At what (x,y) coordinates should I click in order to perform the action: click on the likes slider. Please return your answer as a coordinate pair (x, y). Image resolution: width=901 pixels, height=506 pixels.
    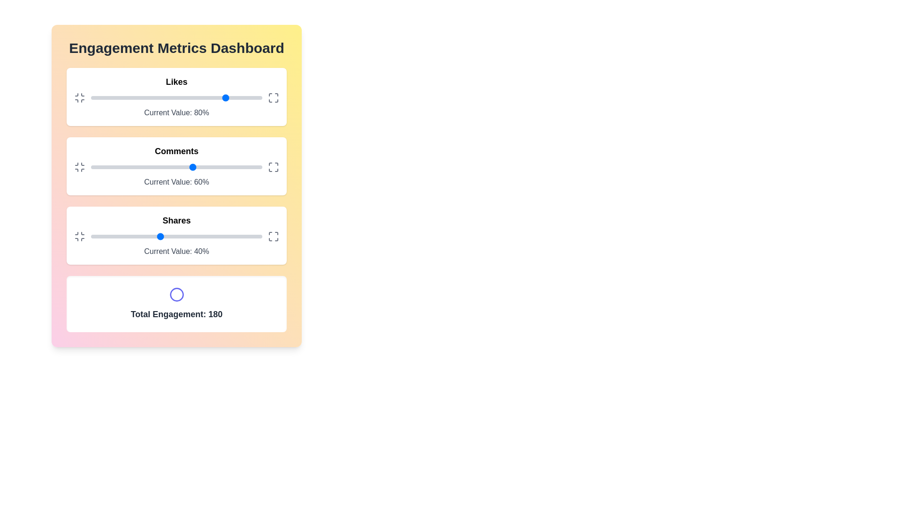
    Looking at the image, I should click on (91, 97).